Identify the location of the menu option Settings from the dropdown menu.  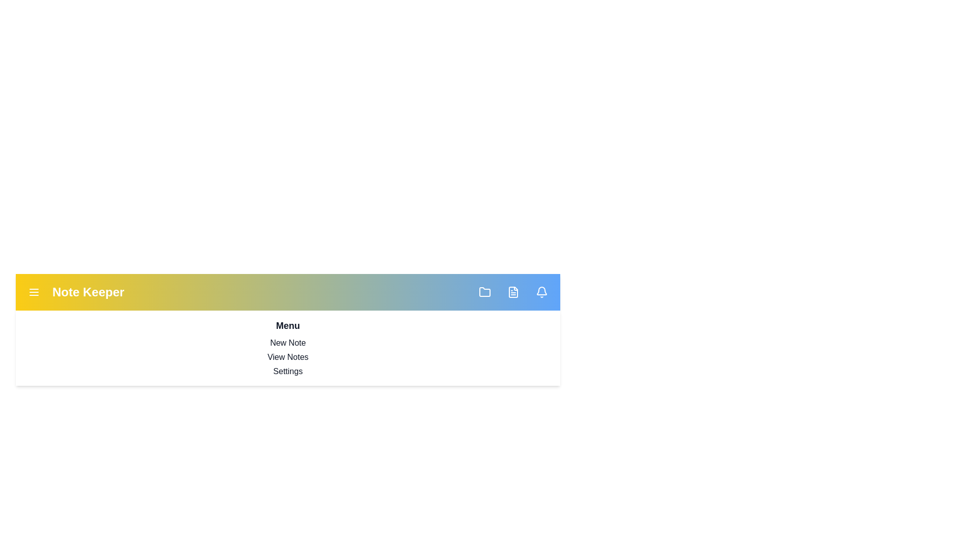
(288, 372).